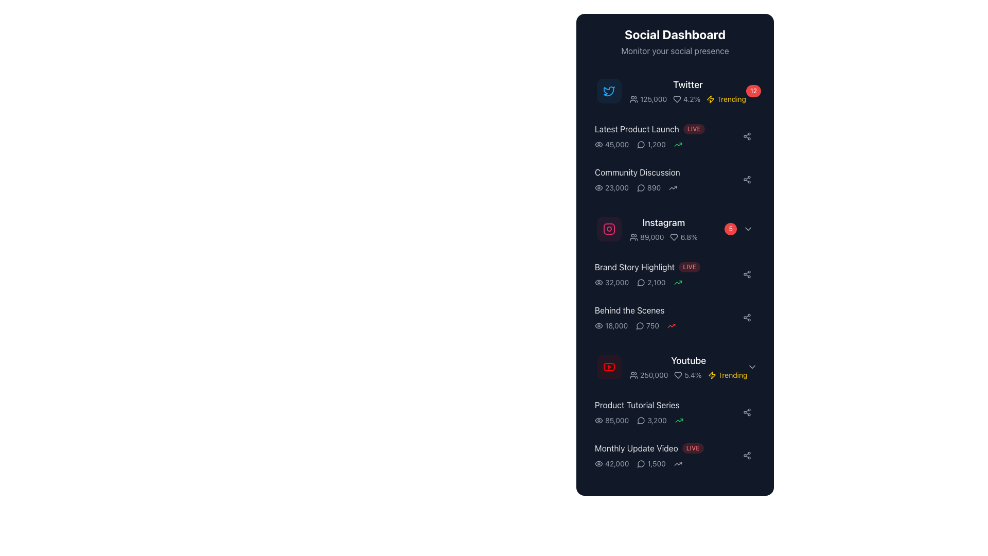 The height and width of the screenshot is (556, 988). What do you see at coordinates (640, 283) in the screenshot?
I see `the outlined circle speech bubble icon located to the left of the Instagram section, indicating comment or message functionality` at bounding box center [640, 283].